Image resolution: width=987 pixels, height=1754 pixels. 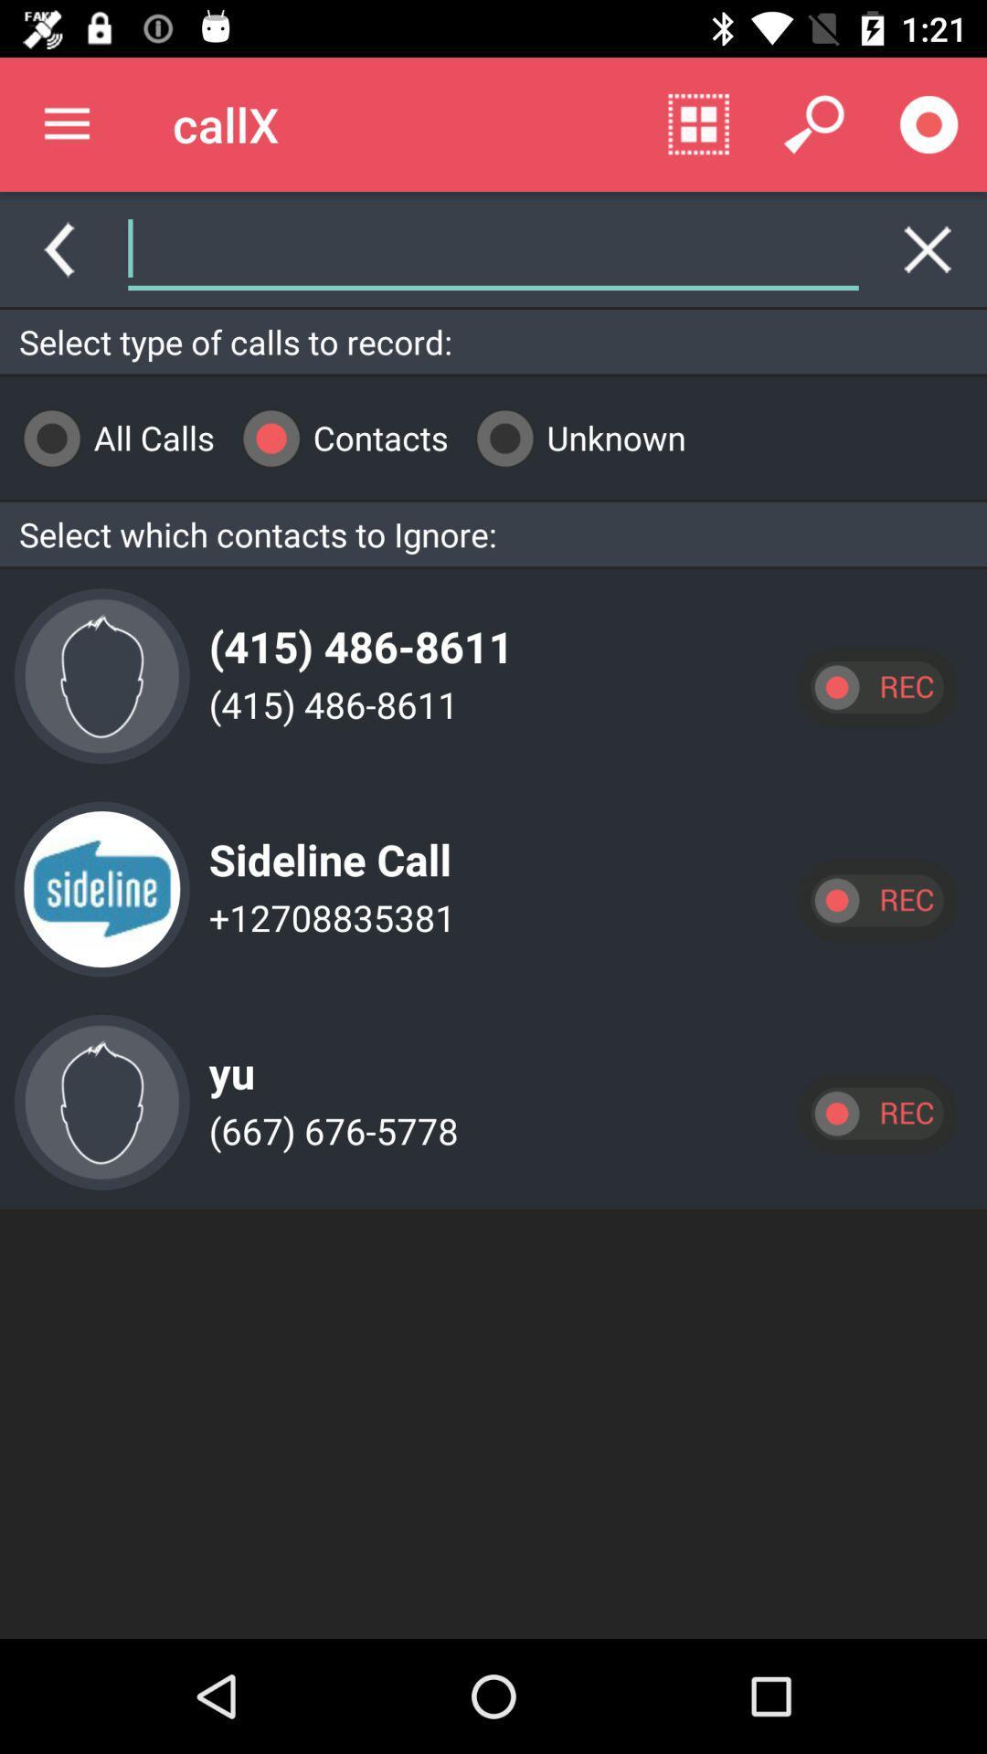 What do you see at coordinates (66, 123) in the screenshot?
I see `item to the left of the callx icon` at bounding box center [66, 123].